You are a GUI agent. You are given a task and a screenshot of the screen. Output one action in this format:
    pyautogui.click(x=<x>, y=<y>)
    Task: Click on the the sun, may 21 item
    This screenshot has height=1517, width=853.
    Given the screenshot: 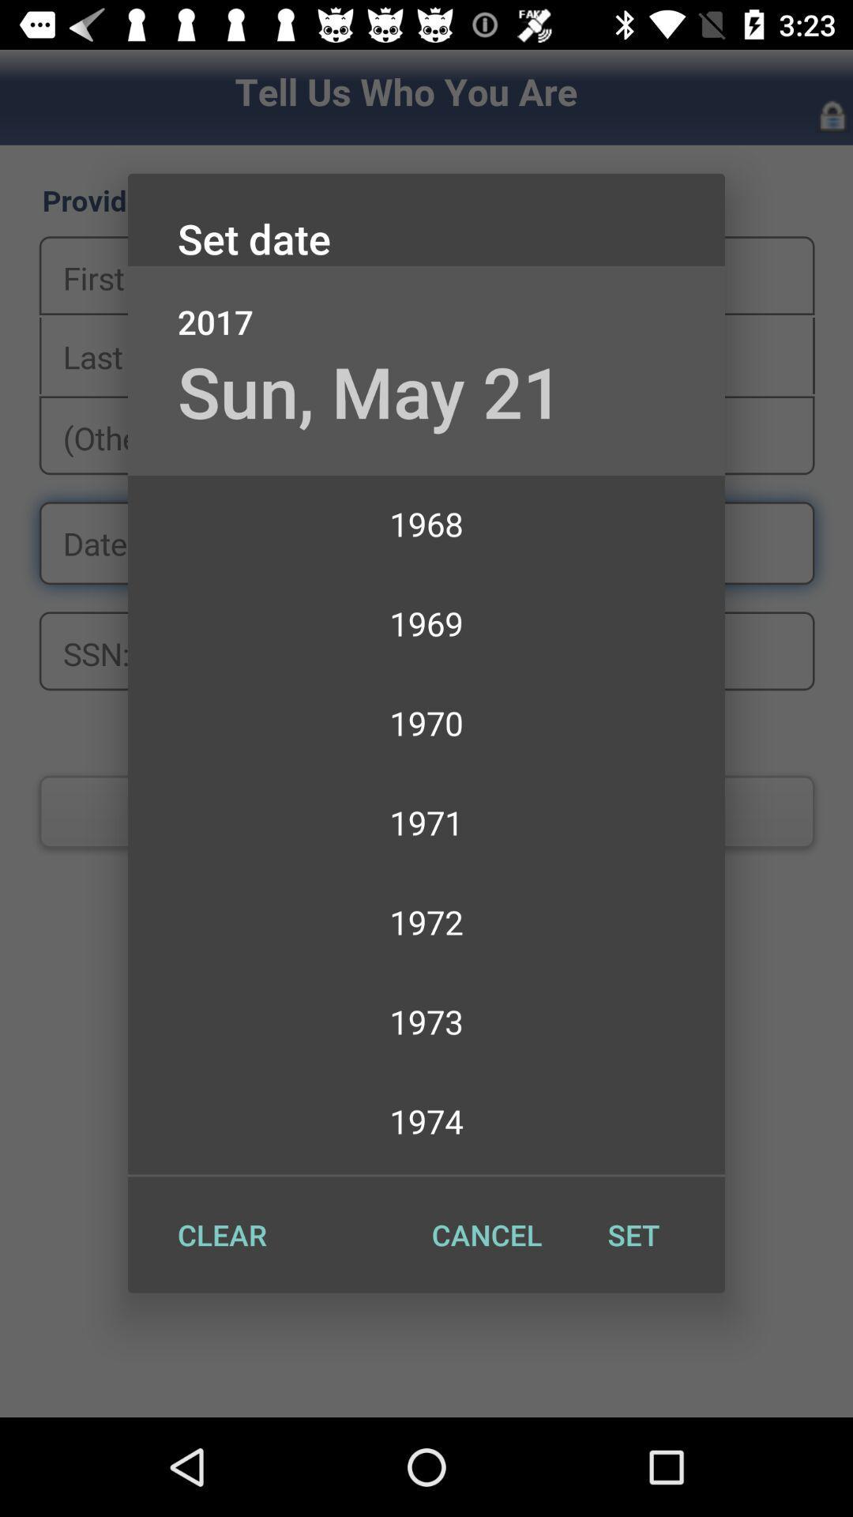 What is the action you would take?
    pyautogui.click(x=370, y=391)
    